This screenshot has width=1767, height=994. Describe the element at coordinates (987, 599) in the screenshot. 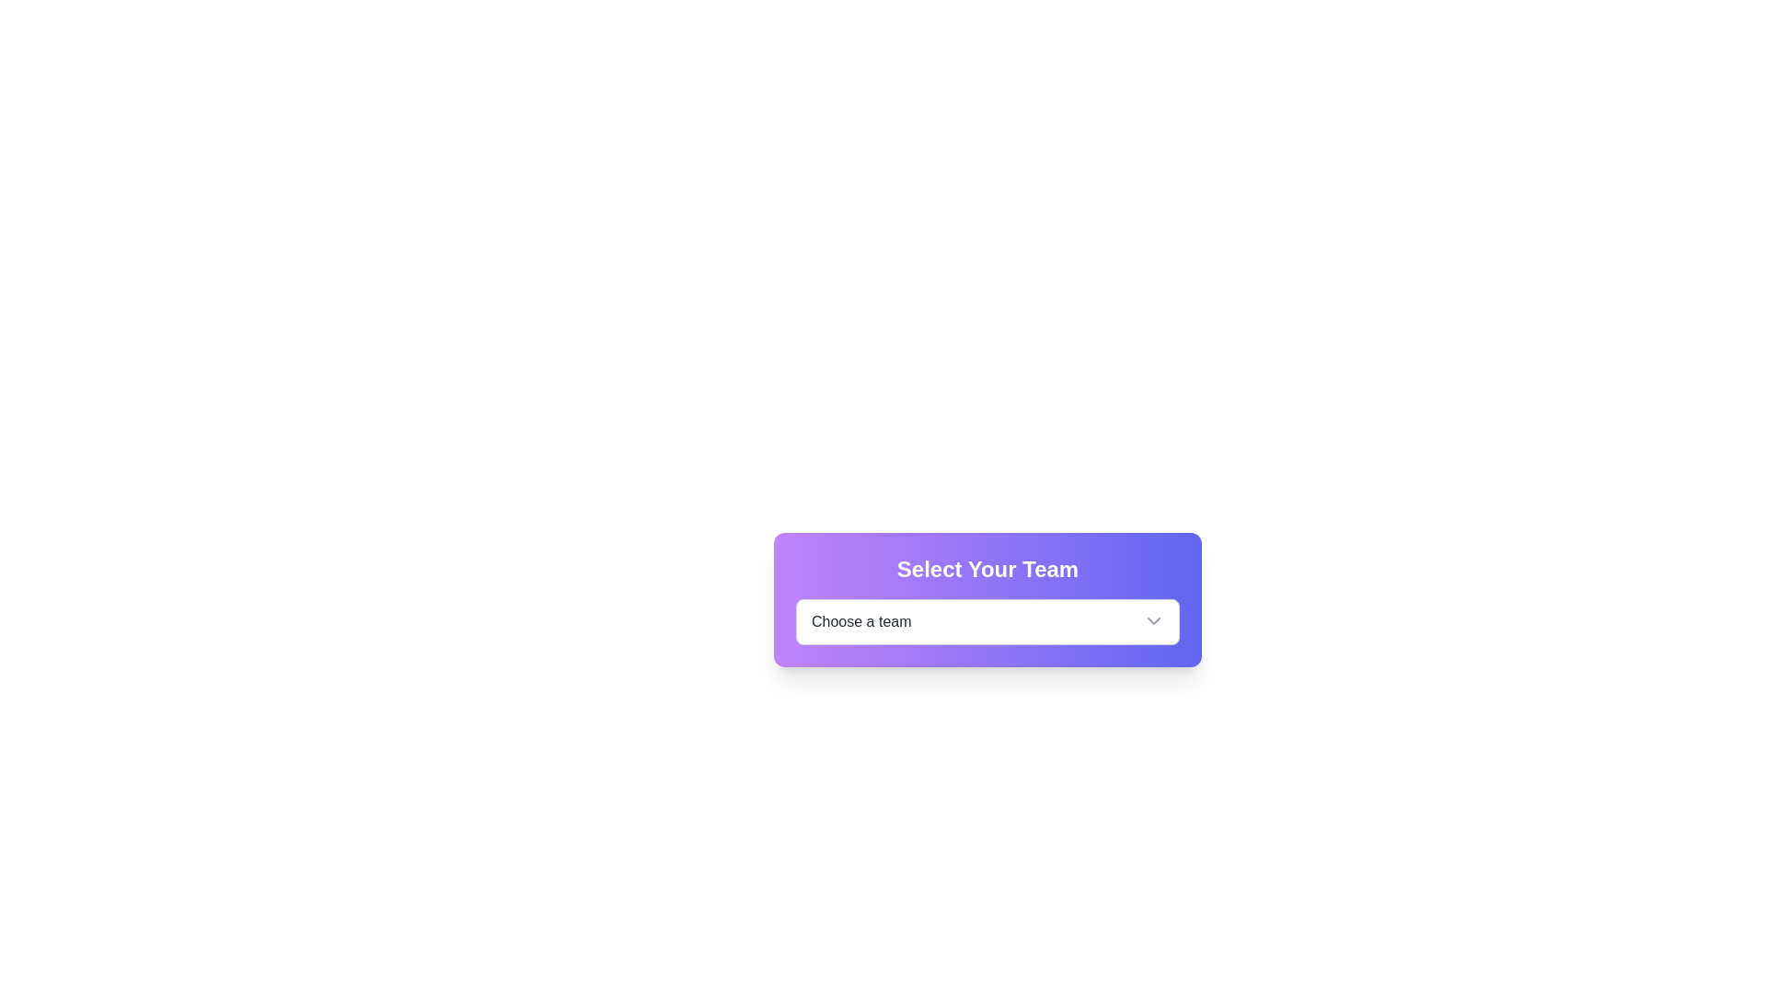

I see `the dropdown menu within the Card that allows users` at that location.